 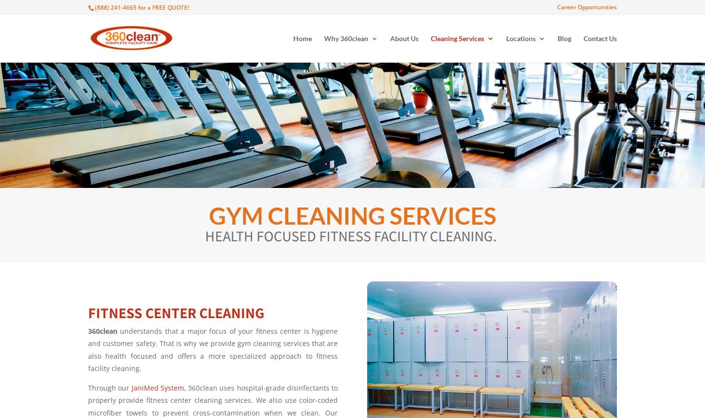 What do you see at coordinates (94, 7) in the screenshot?
I see `'(888) 241-4665 for a FREE QUOTE!'` at bounding box center [94, 7].